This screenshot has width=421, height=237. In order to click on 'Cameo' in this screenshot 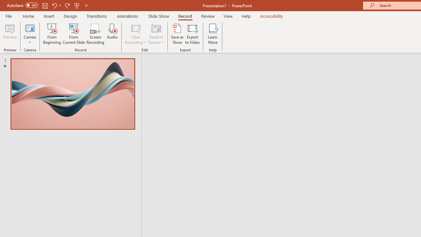, I will do `click(30, 28)`.